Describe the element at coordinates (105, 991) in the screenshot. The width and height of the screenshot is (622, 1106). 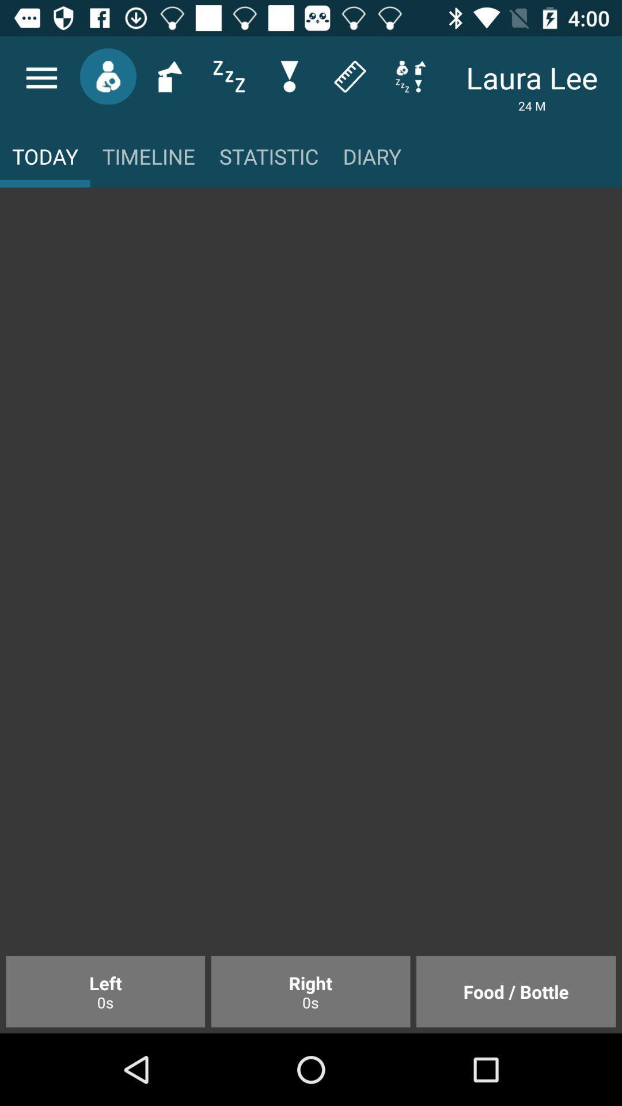
I see `the item at the bottom left corner` at that location.